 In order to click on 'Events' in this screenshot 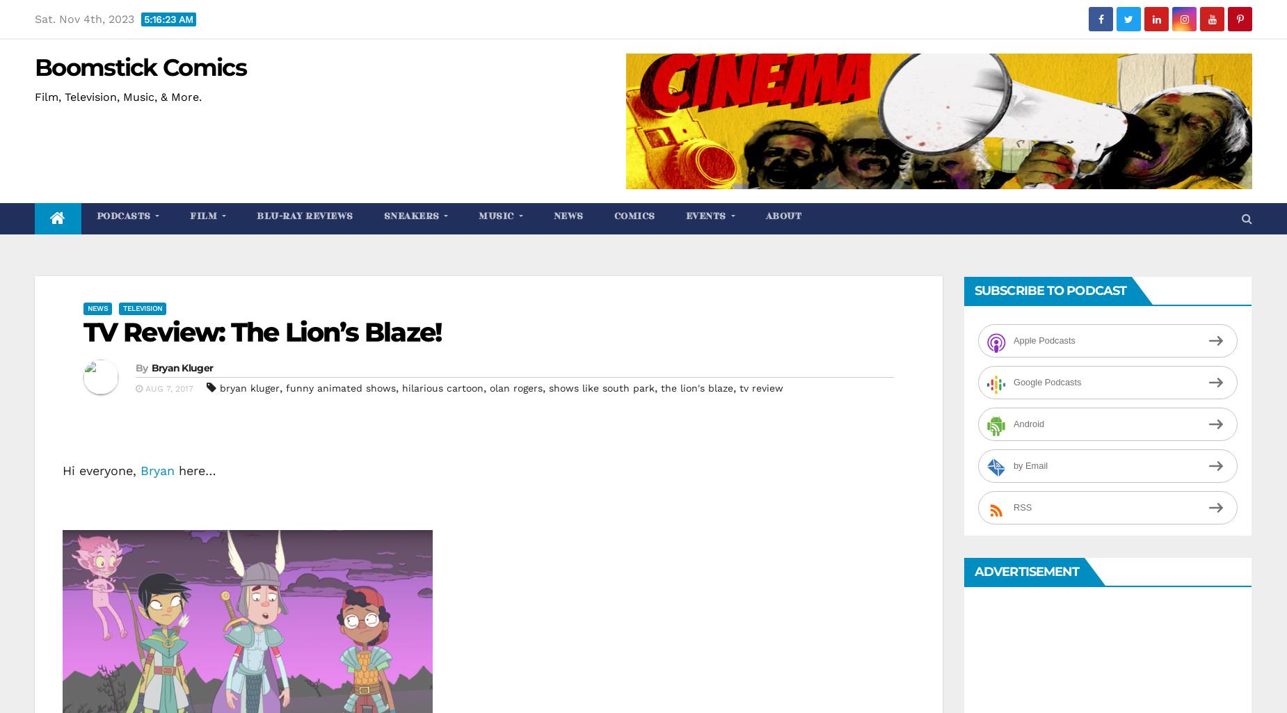, I will do `click(706, 216)`.